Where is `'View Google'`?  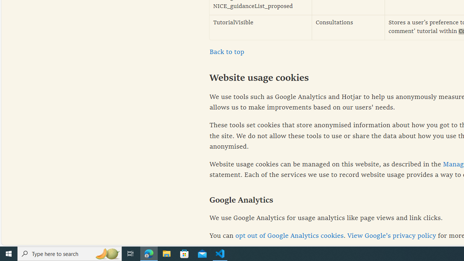 'View Google' is located at coordinates (391, 236).